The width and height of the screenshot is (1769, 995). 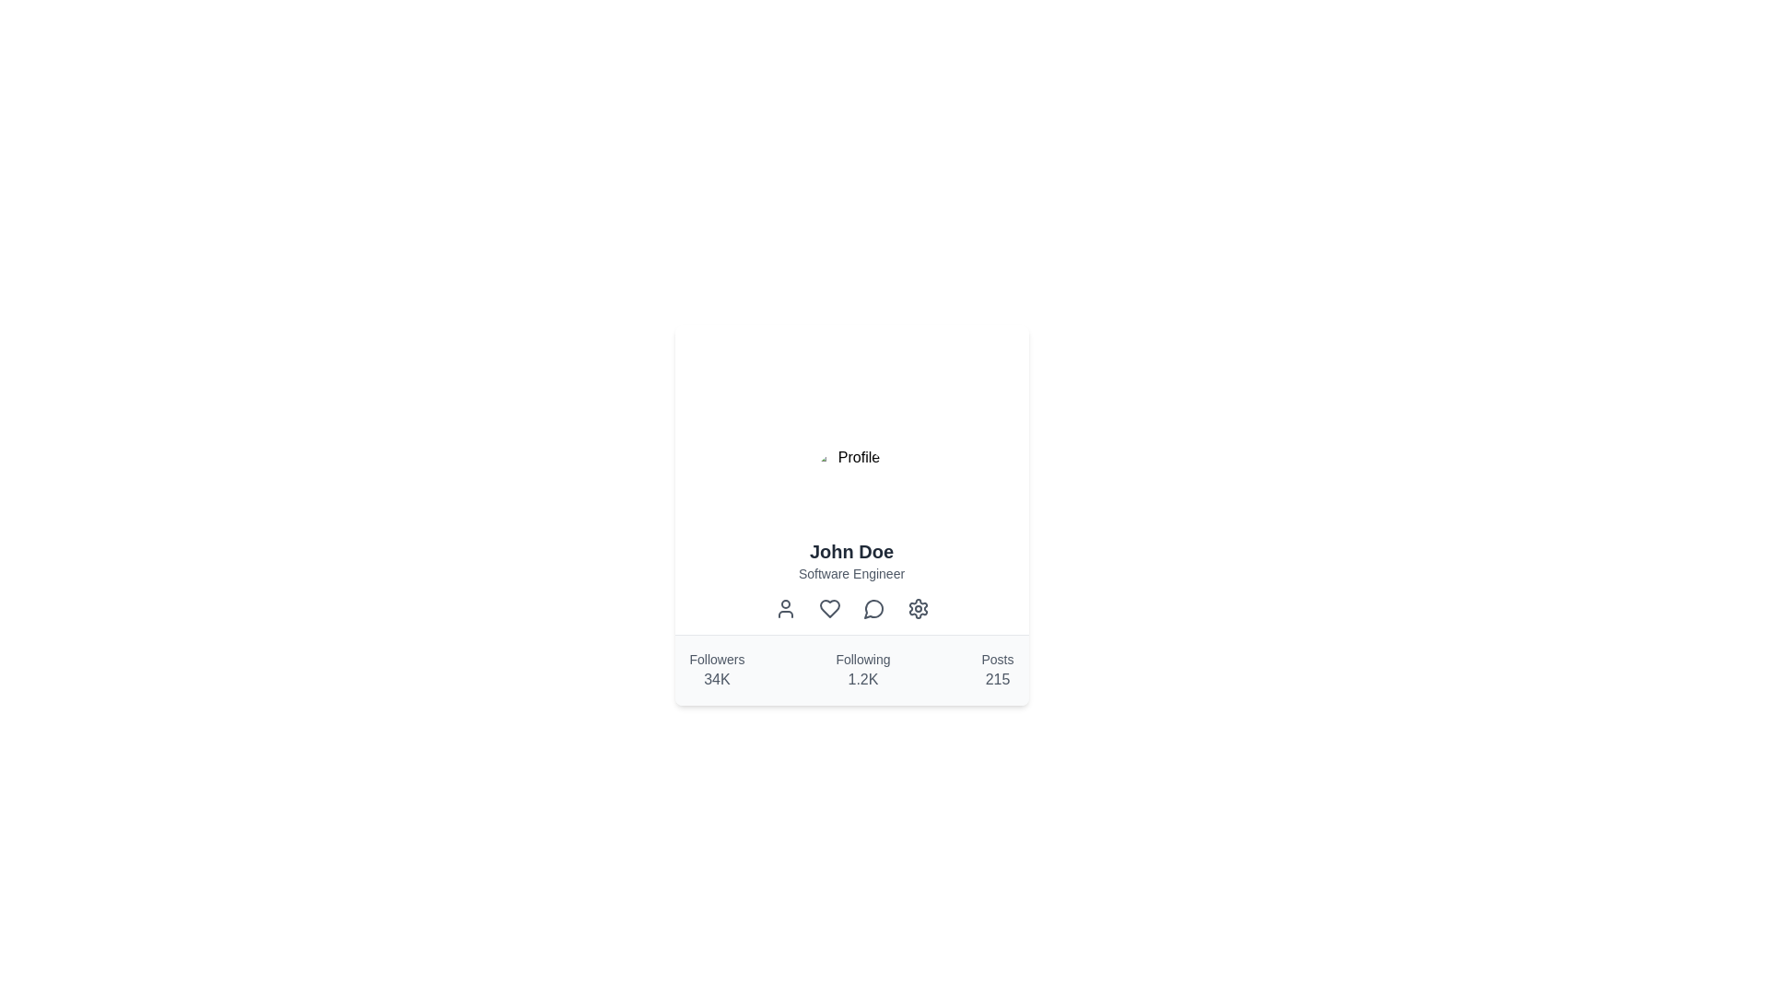 What do you see at coordinates (918, 608) in the screenshot?
I see `the settings button located at the end of the row of interactive icons beneath the profile section to change its color to green` at bounding box center [918, 608].